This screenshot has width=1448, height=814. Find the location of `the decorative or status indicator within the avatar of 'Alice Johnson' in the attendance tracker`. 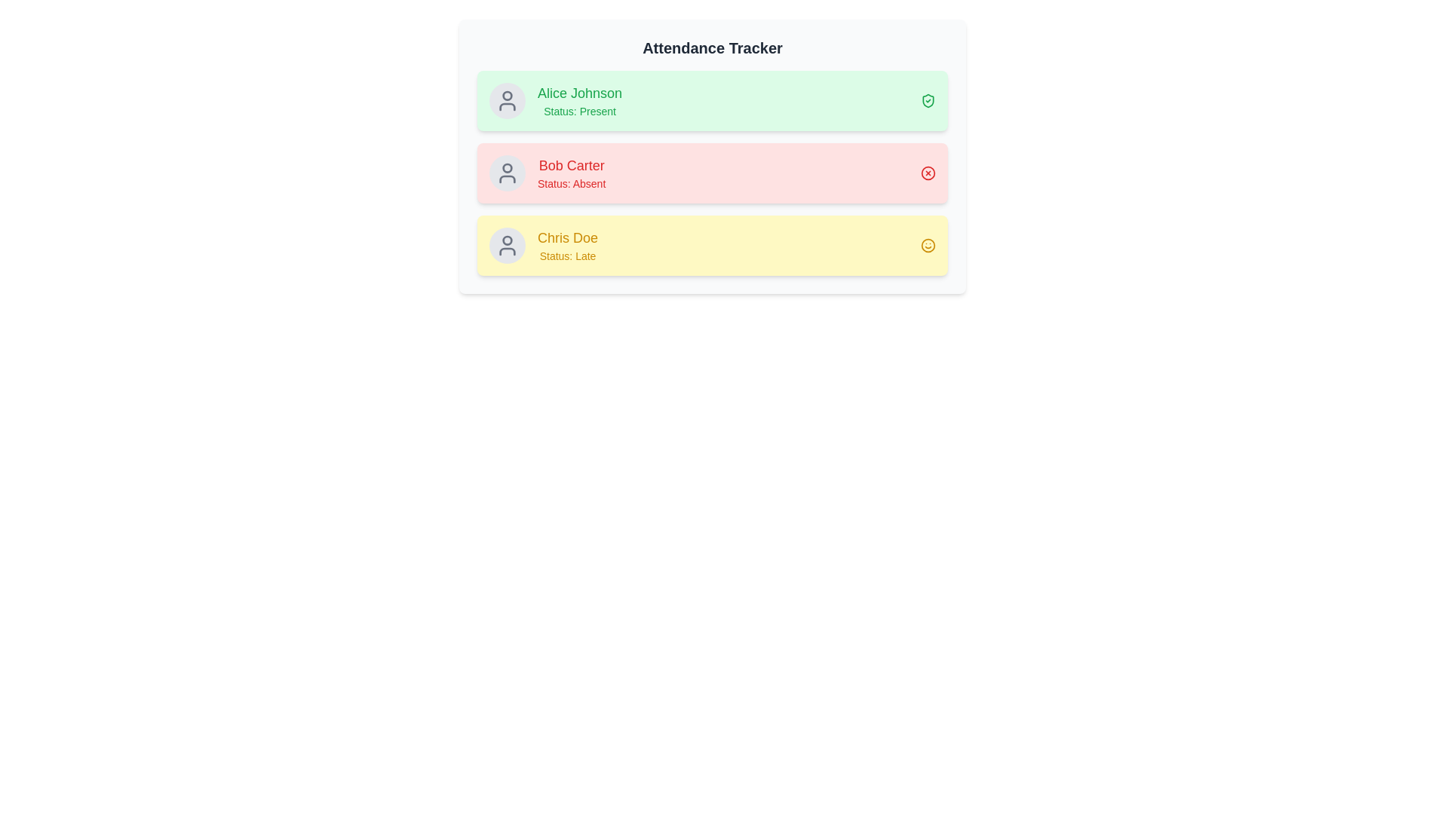

the decorative or status indicator within the avatar of 'Alice Johnson' in the attendance tracker is located at coordinates (507, 96).